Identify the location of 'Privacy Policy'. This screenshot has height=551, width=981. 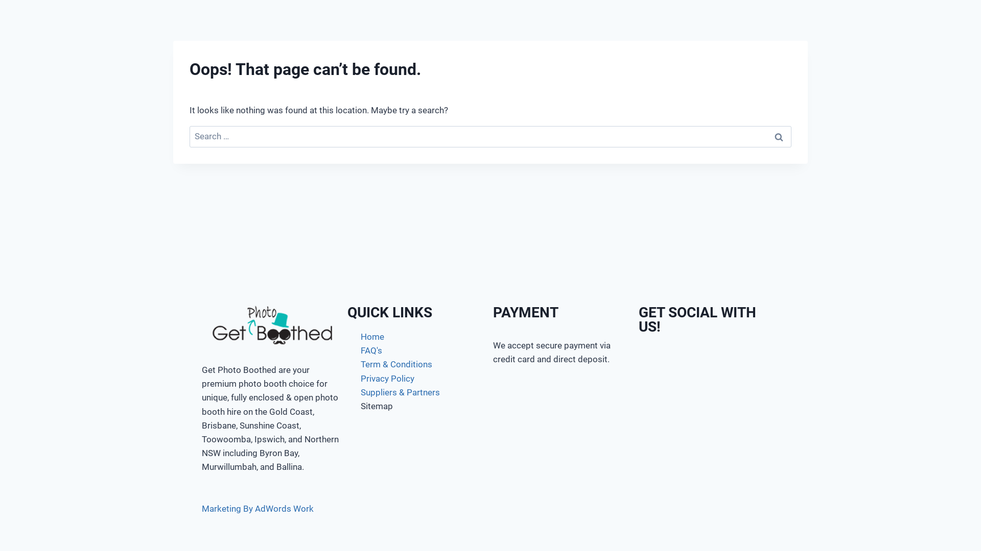
(417, 379).